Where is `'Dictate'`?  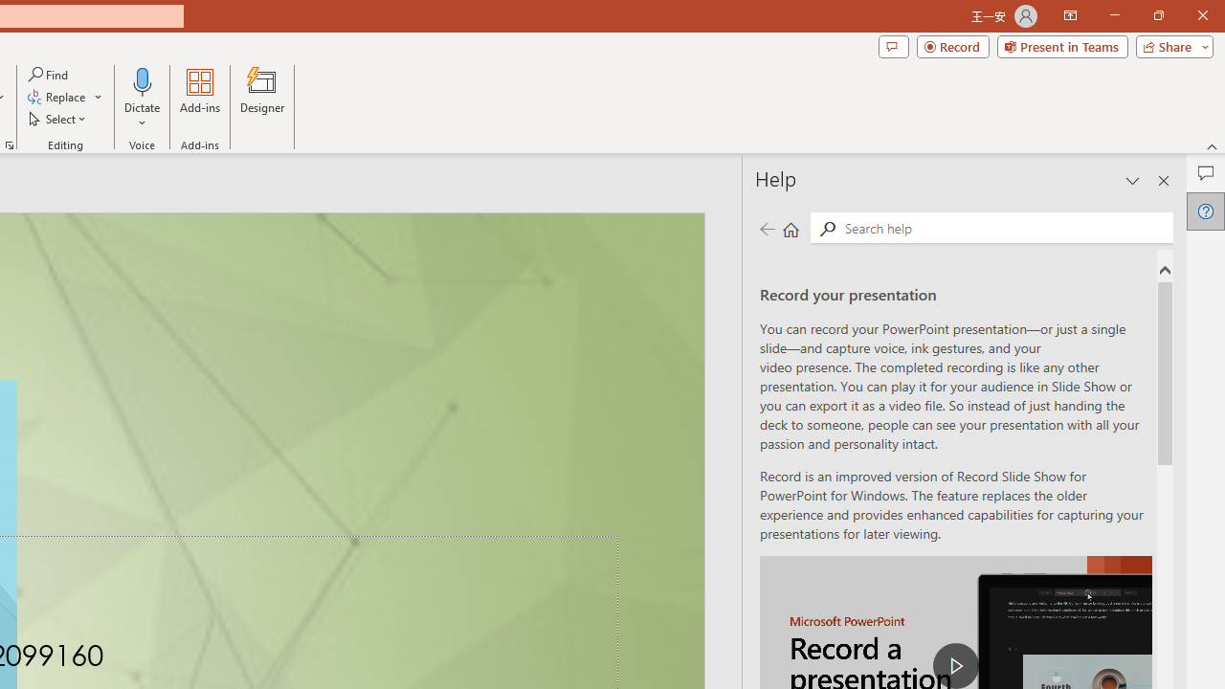 'Dictate' is located at coordinates (142, 80).